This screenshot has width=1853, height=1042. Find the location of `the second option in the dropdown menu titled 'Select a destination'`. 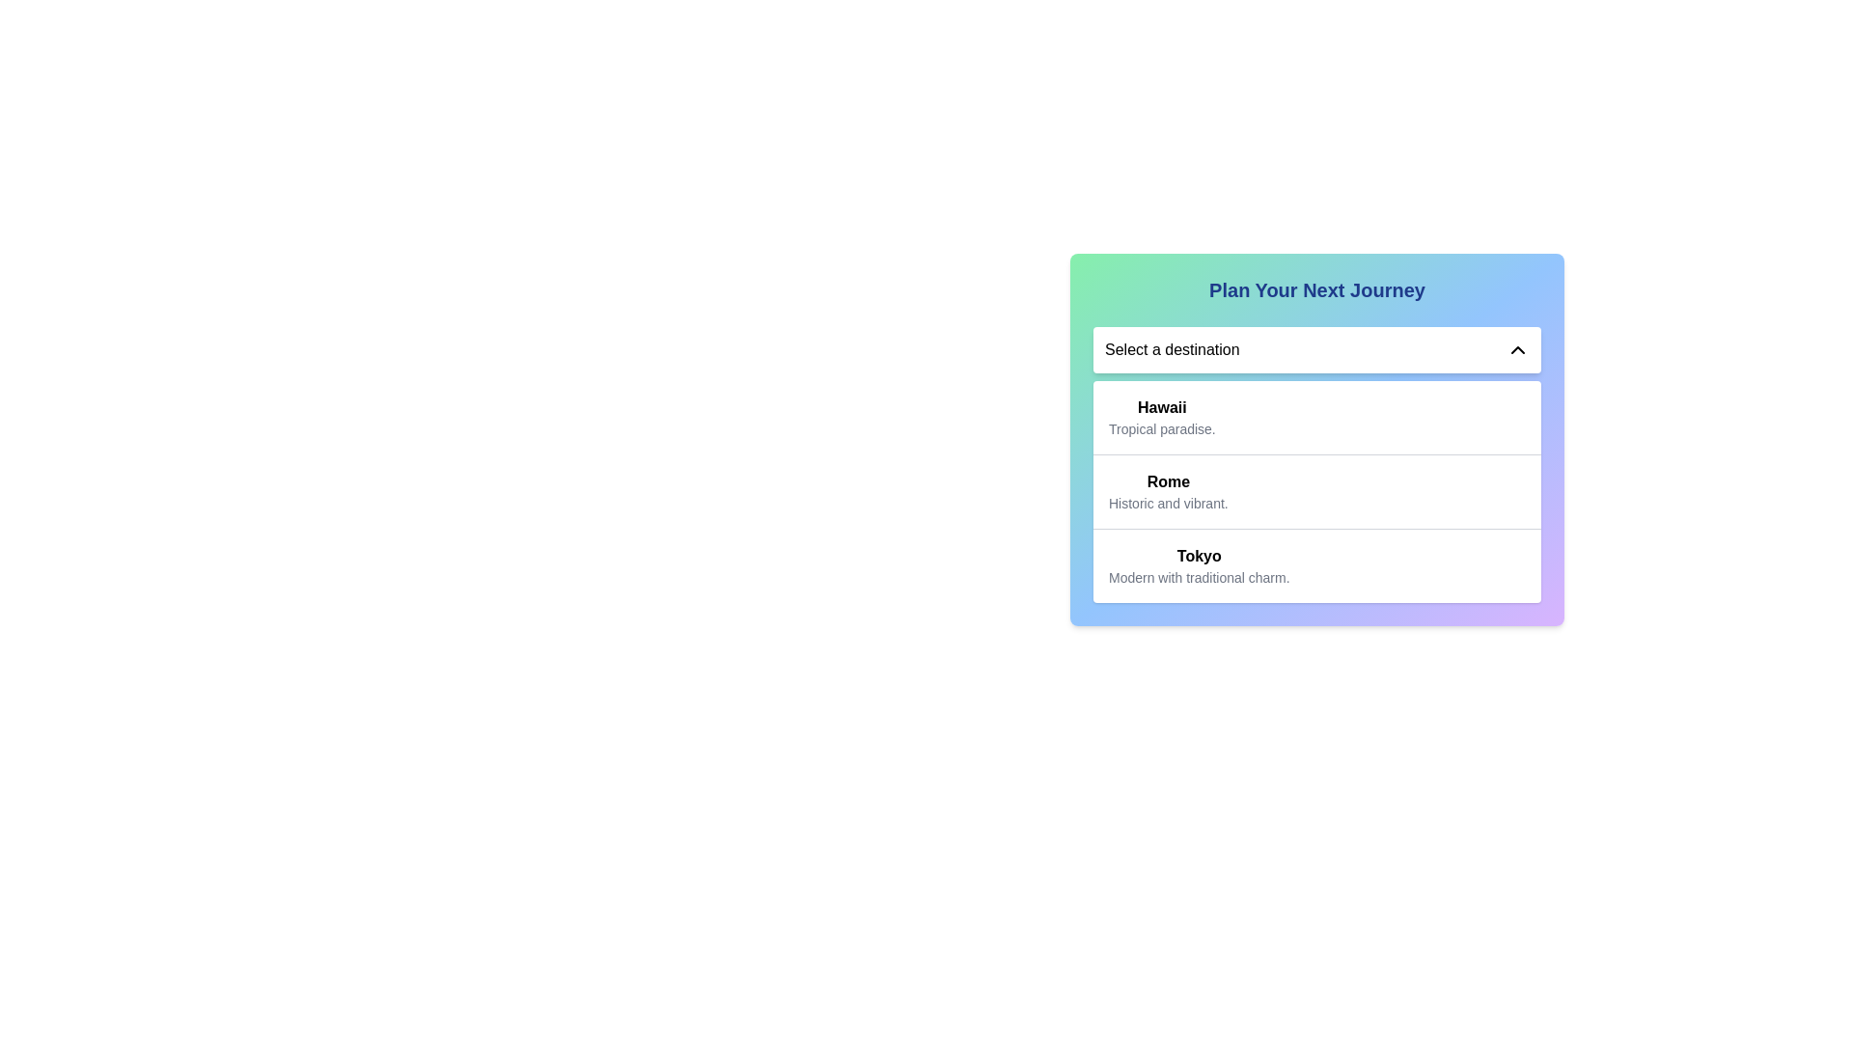

the second option in the dropdown menu titled 'Select a destination' is located at coordinates (1315, 465).